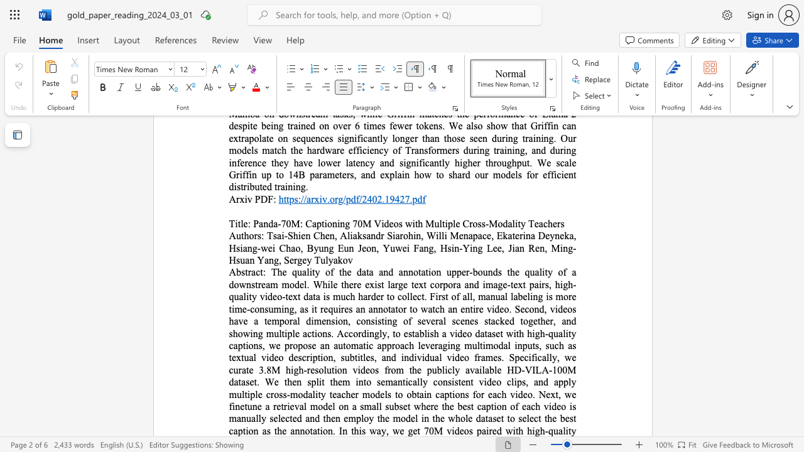 The width and height of the screenshot is (804, 452). What do you see at coordinates (460, 381) in the screenshot?
I see `the subset text "ent video clips, and apply multiple cross-modality teacher models to obtain captions for eac" within the text "The quality of the data and annotation upper-bounds the quality of a downstream model. While there exist large text corpora and image-text pairs, high-quality video-text data is much harder to collect. First of all, manual labeling is more time-consuming, as it requires an annotator to watch an entire video. Second, videos have a temporal dimension, consisting of several scenes stacked together, and showing multiple actions. Accordingly, to establish a video dataset with high-quality captions, we propose an automatic approach leveraging multimodal inputs, such as textual video description, subtitles, and individual video frames. Specifically, we curate 3.8M high-resolution videos from the publicly available HD-VILA-100M dataset. We then split them into semantically consistent video clips, and apply multiple cross-modality teacher models to obtain captions for each video. Next, we finetune a retrieval model on a small subset where the best caption of each video is manually selected and then employ the model in the whole dataset to select the best caption as the annotation. In"` at bounding box center [460, 381].